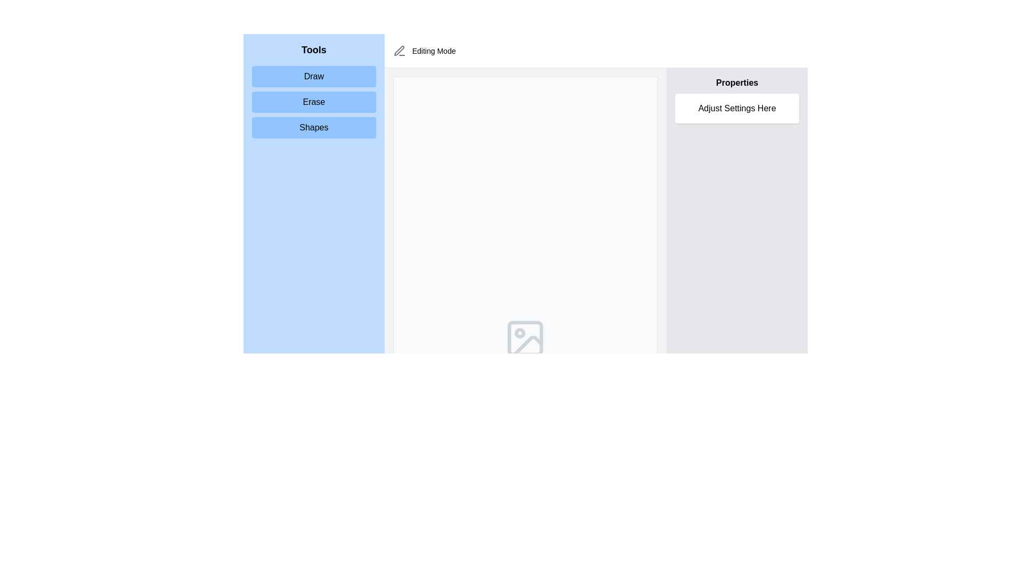  What do you see at coordinates (434, 51) in the screenshot?
I see `the text label reading 'Editing Mode', which is styled in a medium-sized sans-serif typeface and is located to the right of a pen icon in the header bar` at bounding box center [434, 51].